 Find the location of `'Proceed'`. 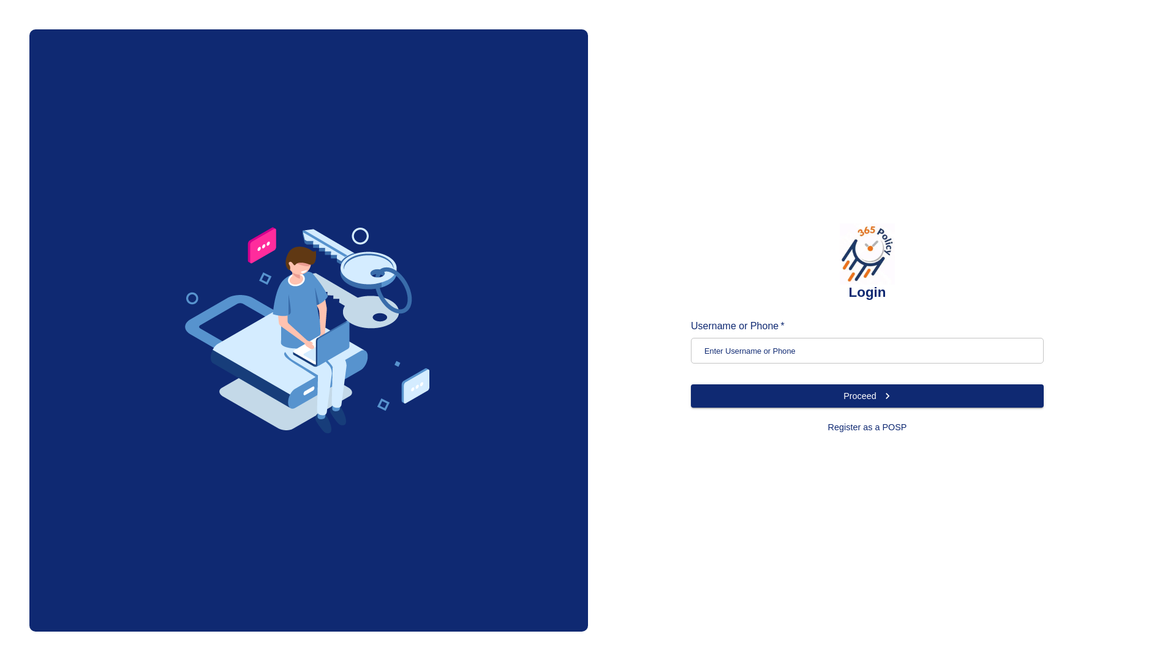

'Proceed' is located at coordinates (867, 396).